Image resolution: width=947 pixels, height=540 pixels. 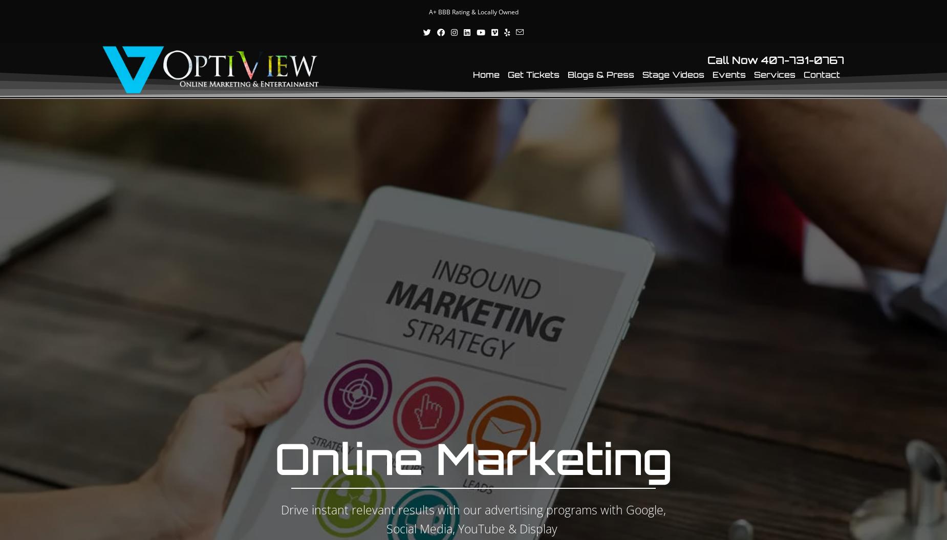 What do you see at coordinates (473, 12) in the screenshot?
I see `'A+ BBB Rating & Locally Owned'` at bounding box center [473, 12].